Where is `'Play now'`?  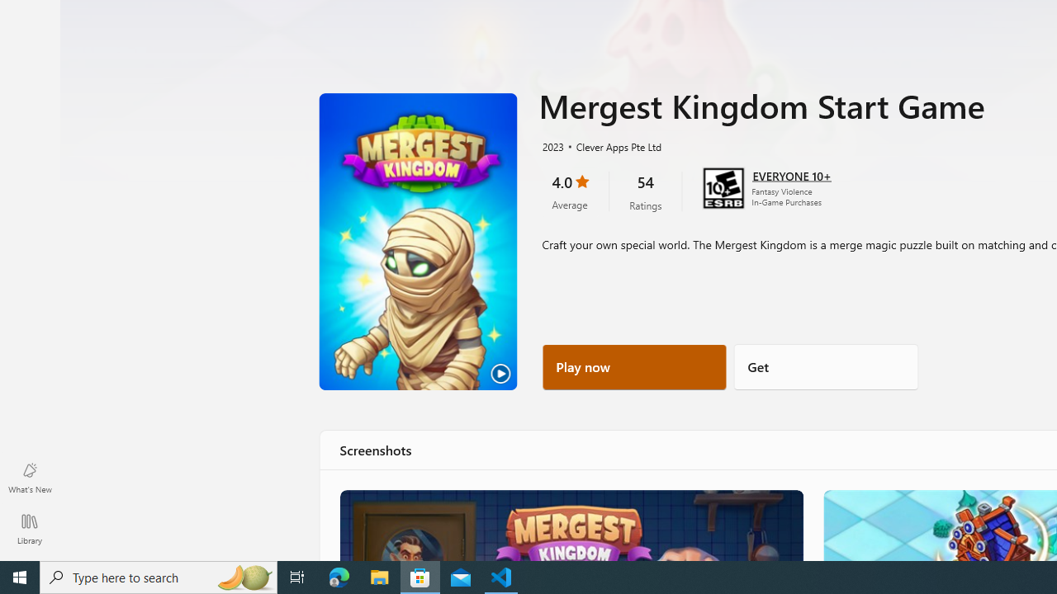 'Play now' is located at coordinates (633, 365).